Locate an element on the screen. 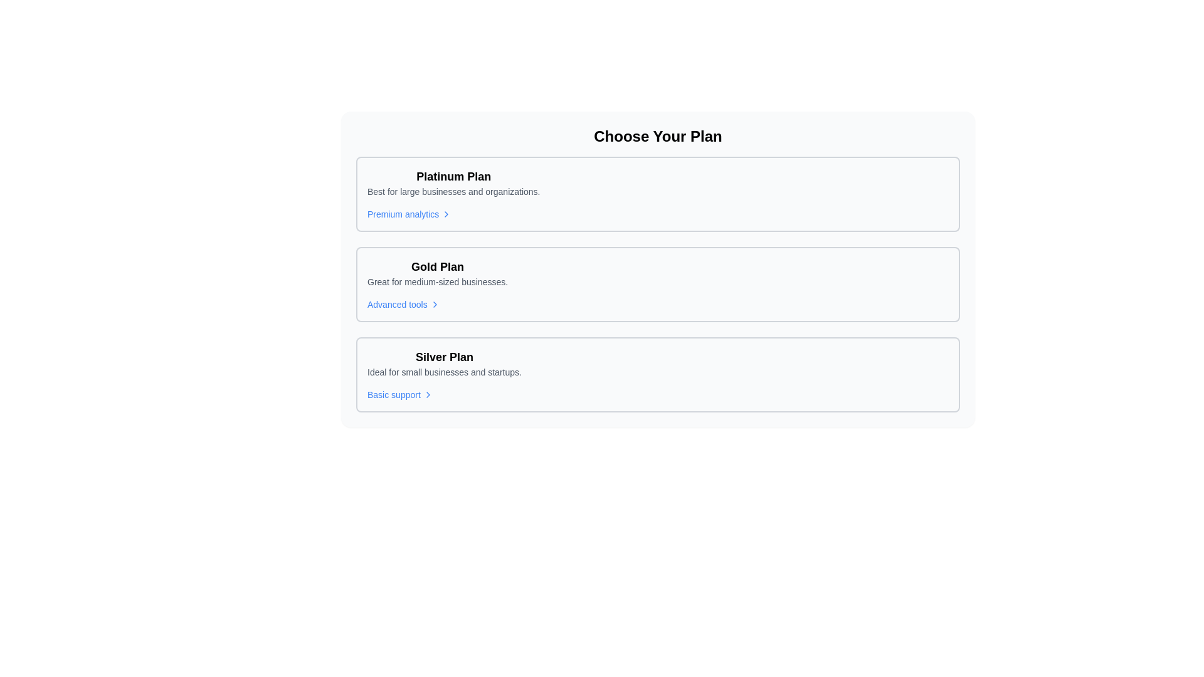 The height and width of the screenshot is (677, 1204). the interactive icon located immediately to the right of the 'Premium analytics' text in the upper section of the interface, which is part of the 'Platinum Plan' is located at coordinates (446, 214).